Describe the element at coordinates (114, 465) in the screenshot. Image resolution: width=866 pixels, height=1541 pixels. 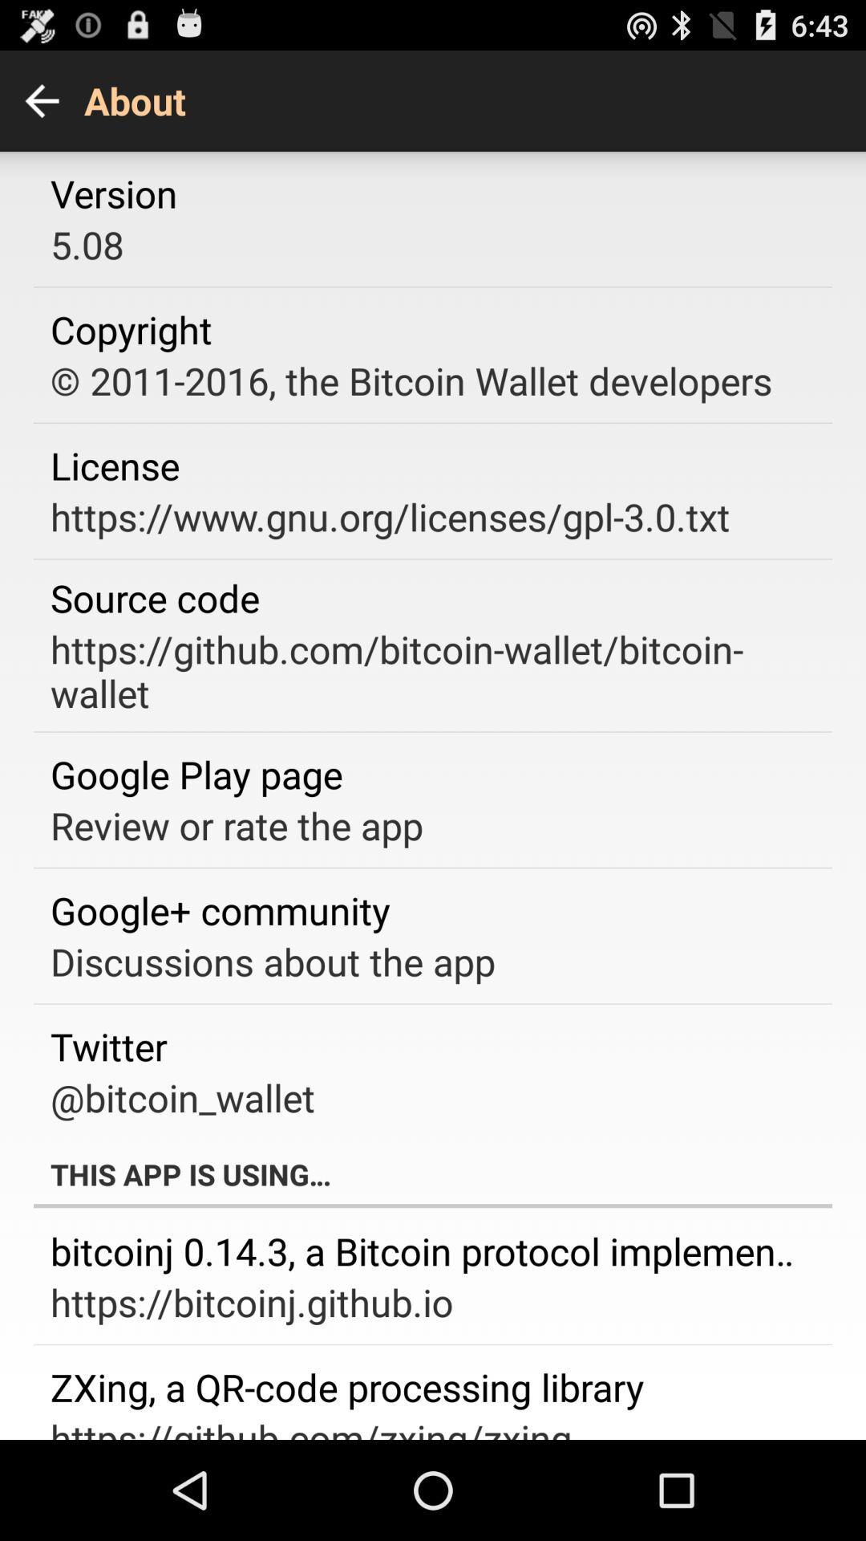
I see `the license icon` at that location.